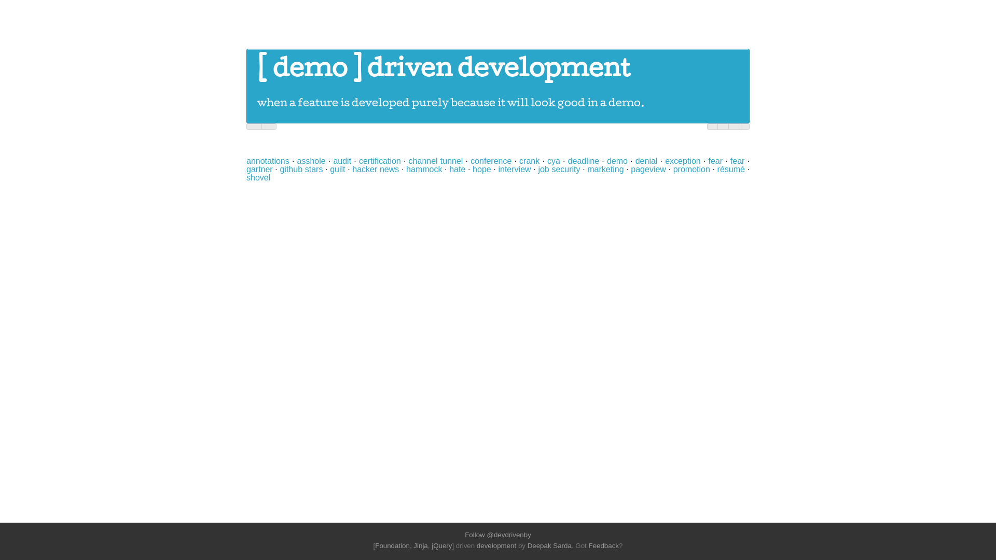  What do you see at coordinates (558, 169) in the screenshot?
I see `'job security'` at bounding box center [558, 169].